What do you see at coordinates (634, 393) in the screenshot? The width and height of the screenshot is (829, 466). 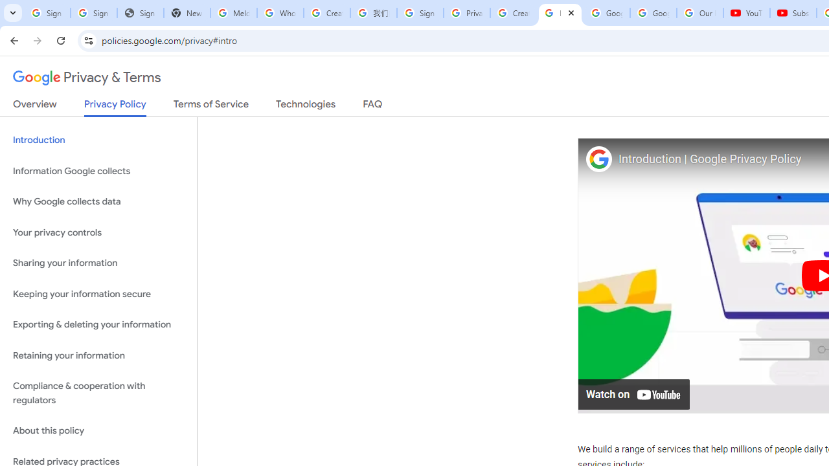 I see `'Watch on YouTube'` at bounding box center [634, 393].